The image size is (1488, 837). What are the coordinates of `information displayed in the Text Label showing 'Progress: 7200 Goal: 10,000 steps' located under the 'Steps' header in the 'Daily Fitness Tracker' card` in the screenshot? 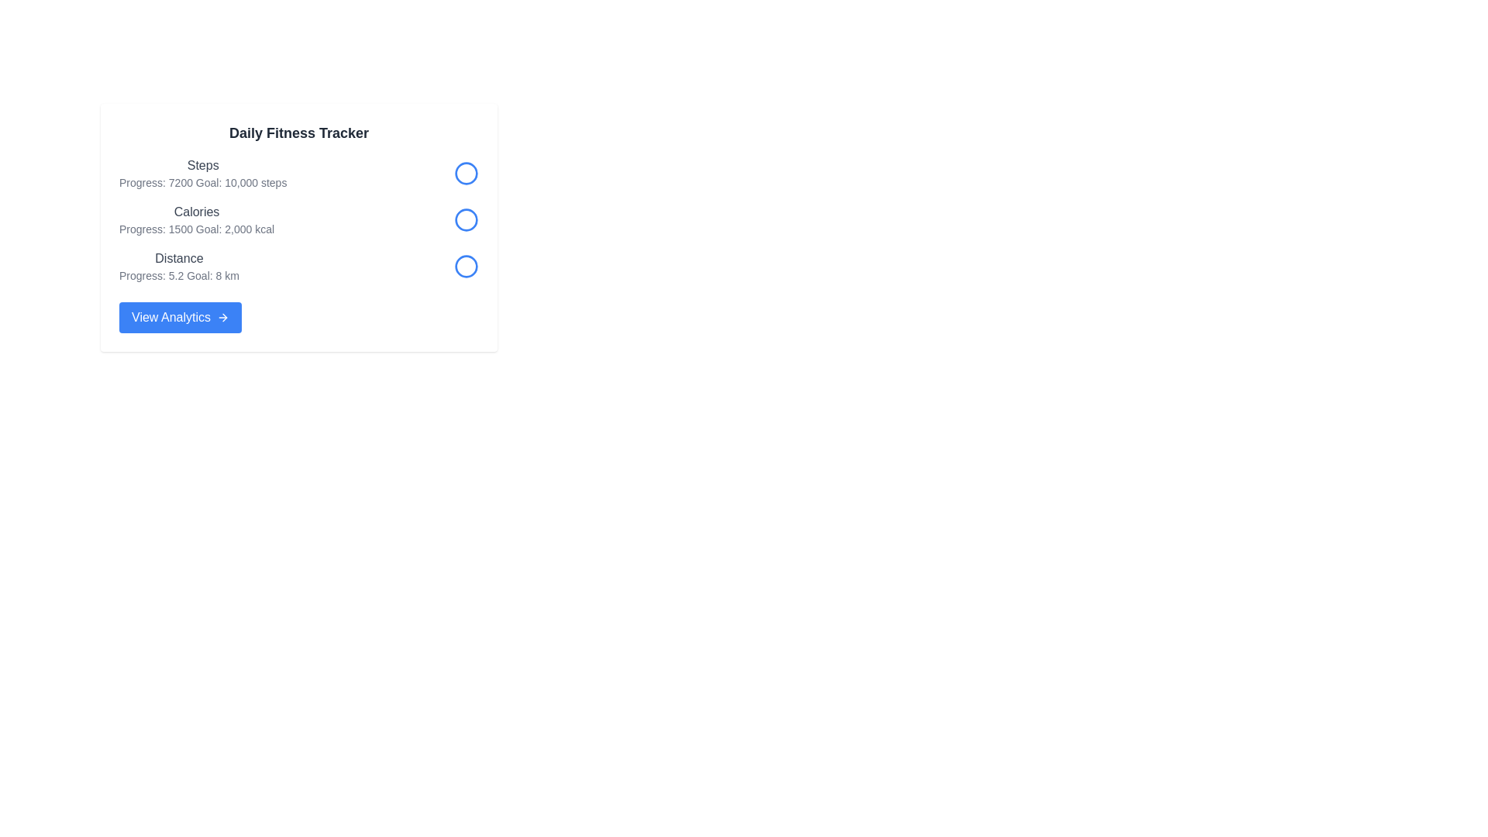 It's located at (202, 181).